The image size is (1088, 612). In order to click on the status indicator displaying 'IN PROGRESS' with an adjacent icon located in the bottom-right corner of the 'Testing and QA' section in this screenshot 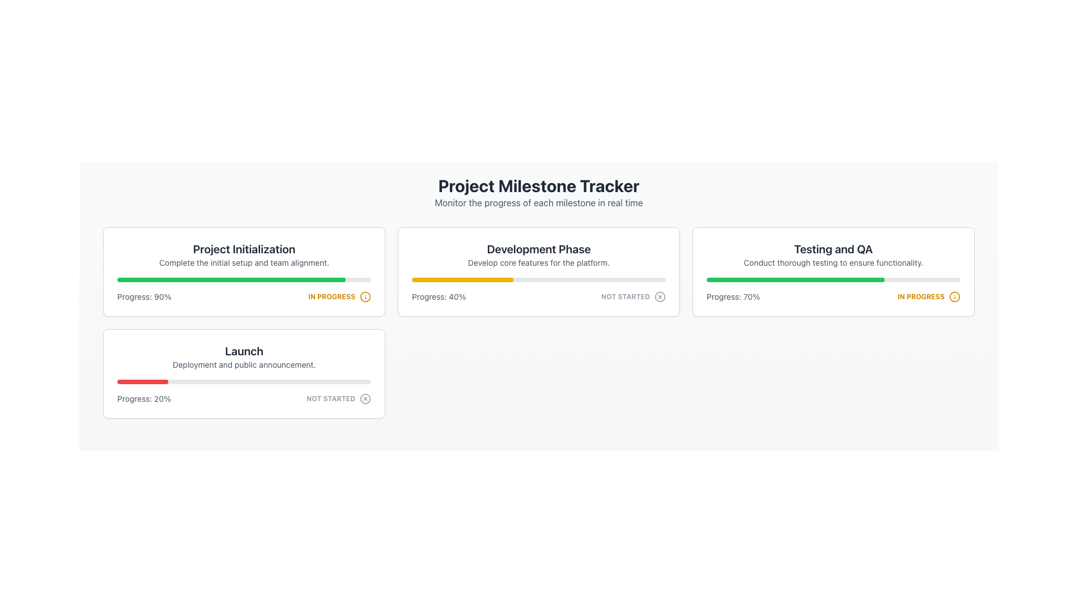, I will do `click(929, 296)`.